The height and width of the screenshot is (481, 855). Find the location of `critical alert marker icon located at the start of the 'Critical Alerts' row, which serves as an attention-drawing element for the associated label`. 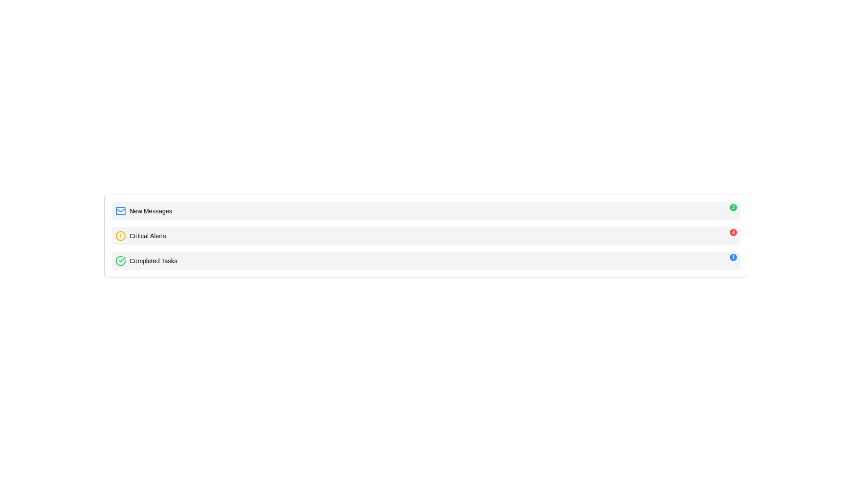

critical alert marker icon located at the start of the 'Critical Alerts' row, which serves as an attention-drawing element for the associated label is located at coordinates (120, 235).